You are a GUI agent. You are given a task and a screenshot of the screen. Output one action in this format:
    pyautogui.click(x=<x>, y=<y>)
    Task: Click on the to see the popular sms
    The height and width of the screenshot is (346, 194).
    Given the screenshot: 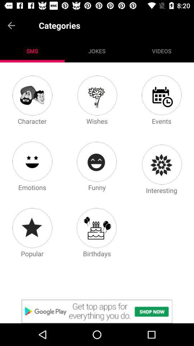 What is the action you would take?
    pyautogui.click(x=32, y=227)
    